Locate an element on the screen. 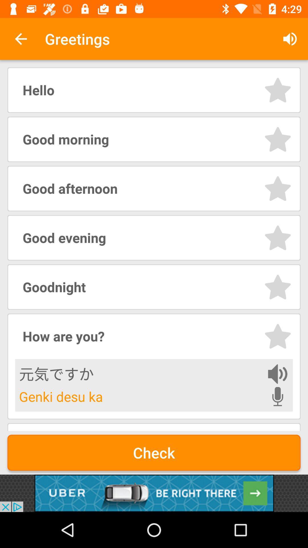 This screenshot has height=548, width=308. voice record is located at coordinates (277, 396).